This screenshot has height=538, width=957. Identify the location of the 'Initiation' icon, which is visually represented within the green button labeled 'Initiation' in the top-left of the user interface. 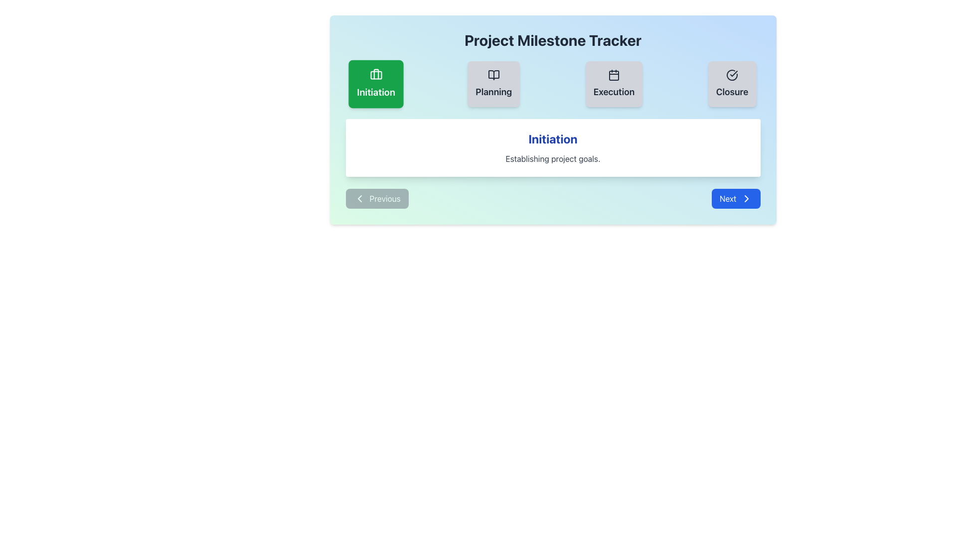
(375, 75).